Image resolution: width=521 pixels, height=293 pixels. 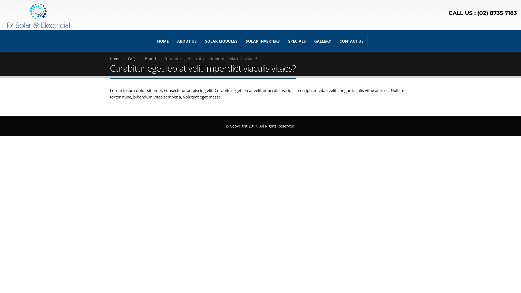 I want to click on 'SOLAR INVERTERS', so click(x=263, y=41).